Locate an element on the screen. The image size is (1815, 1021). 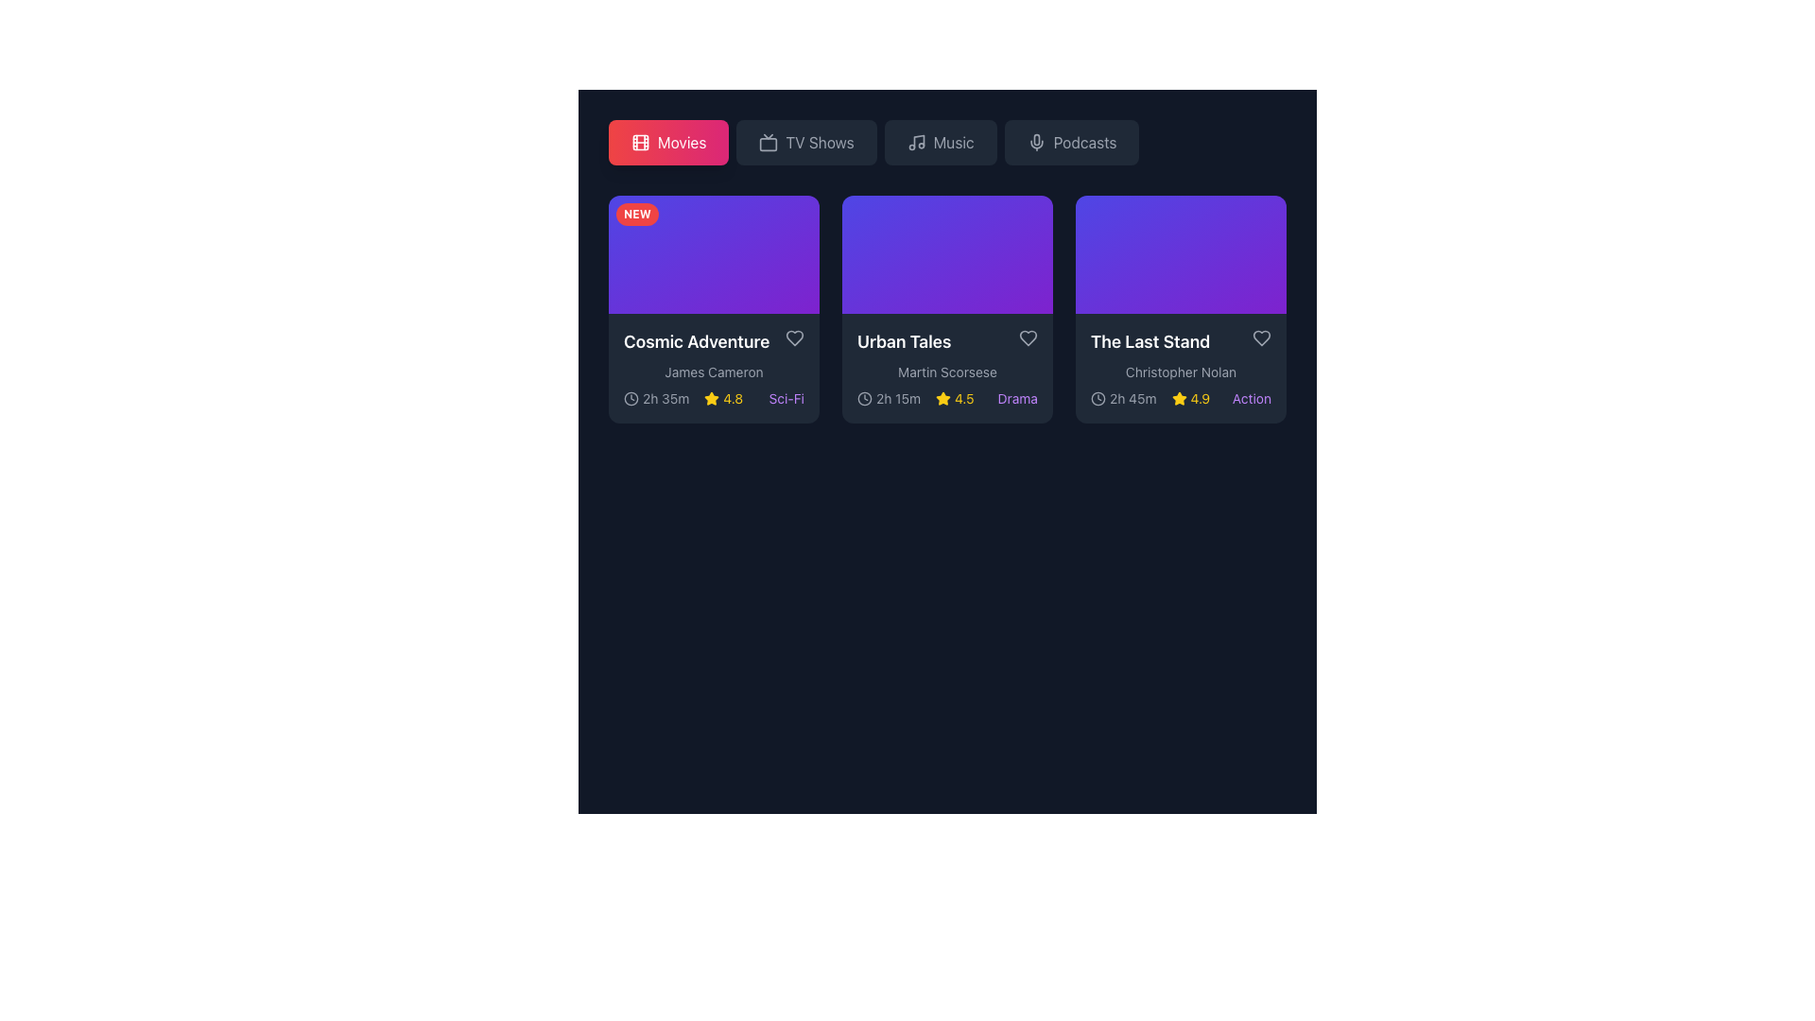
the 'Movies' button is located at coordinates (681, 141).